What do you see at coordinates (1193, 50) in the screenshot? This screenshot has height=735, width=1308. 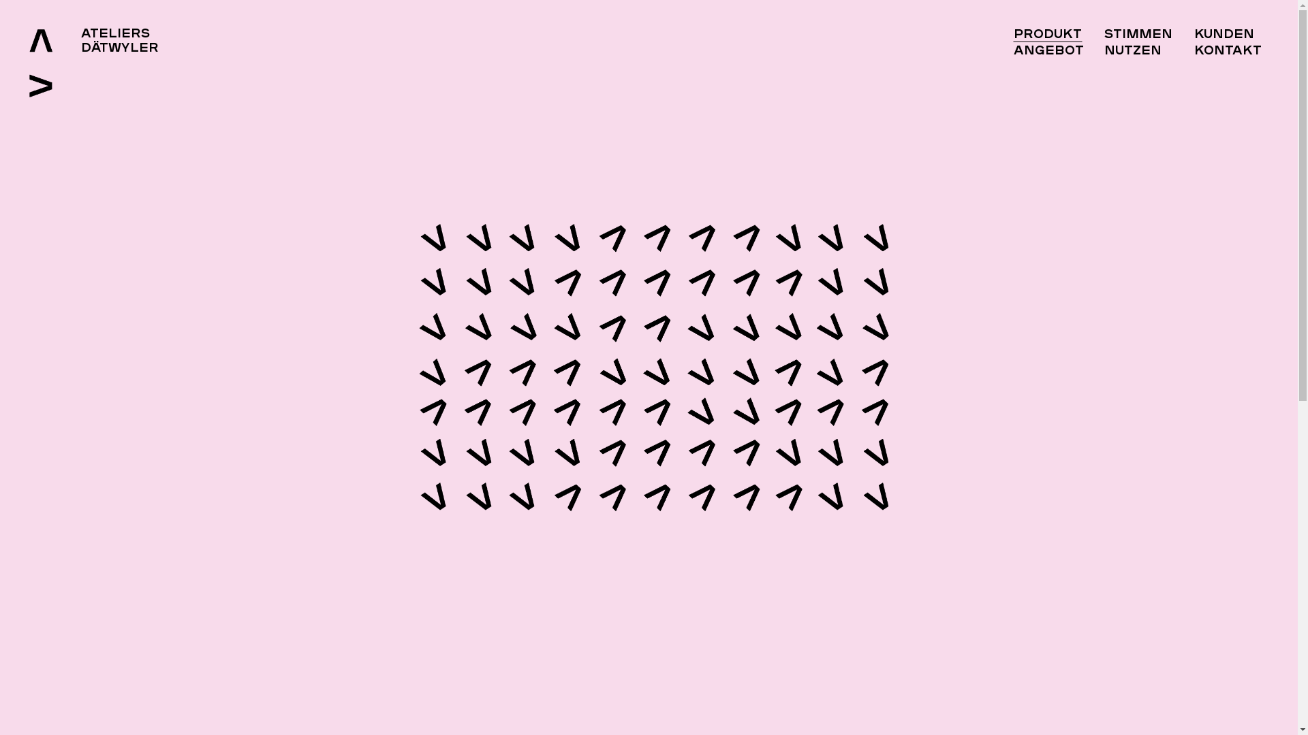 I see `'Kontakt'` at bounding box center [1193, 50].